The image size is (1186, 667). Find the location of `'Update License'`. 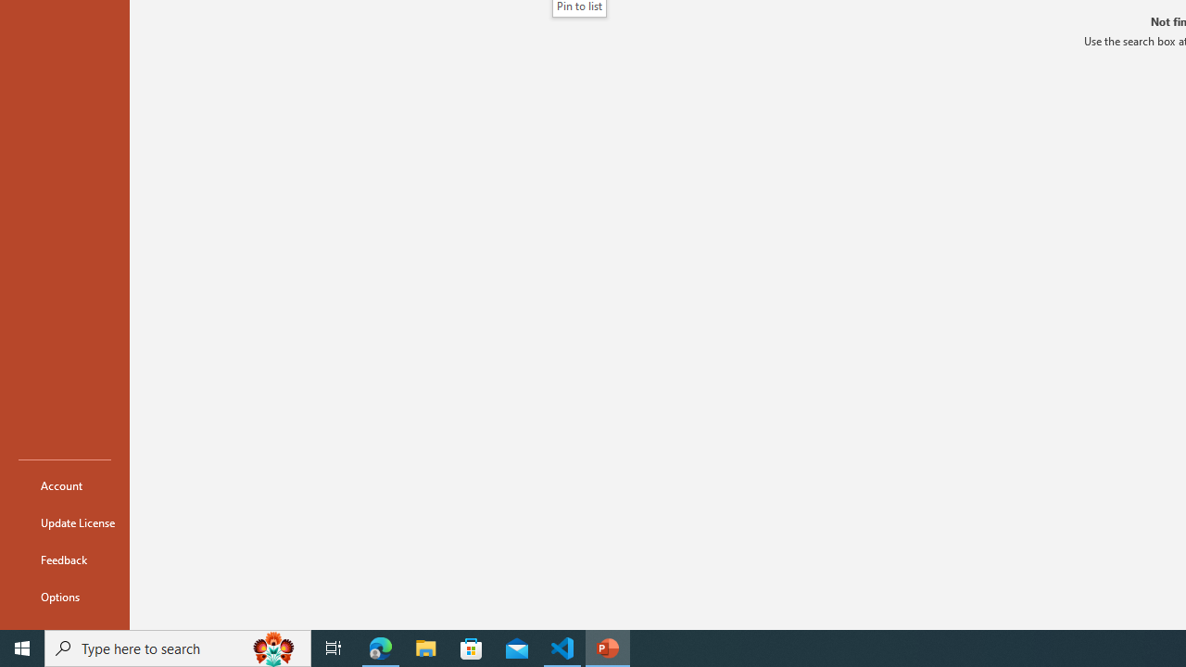

'Update License' is located at coordinates (64, 522).